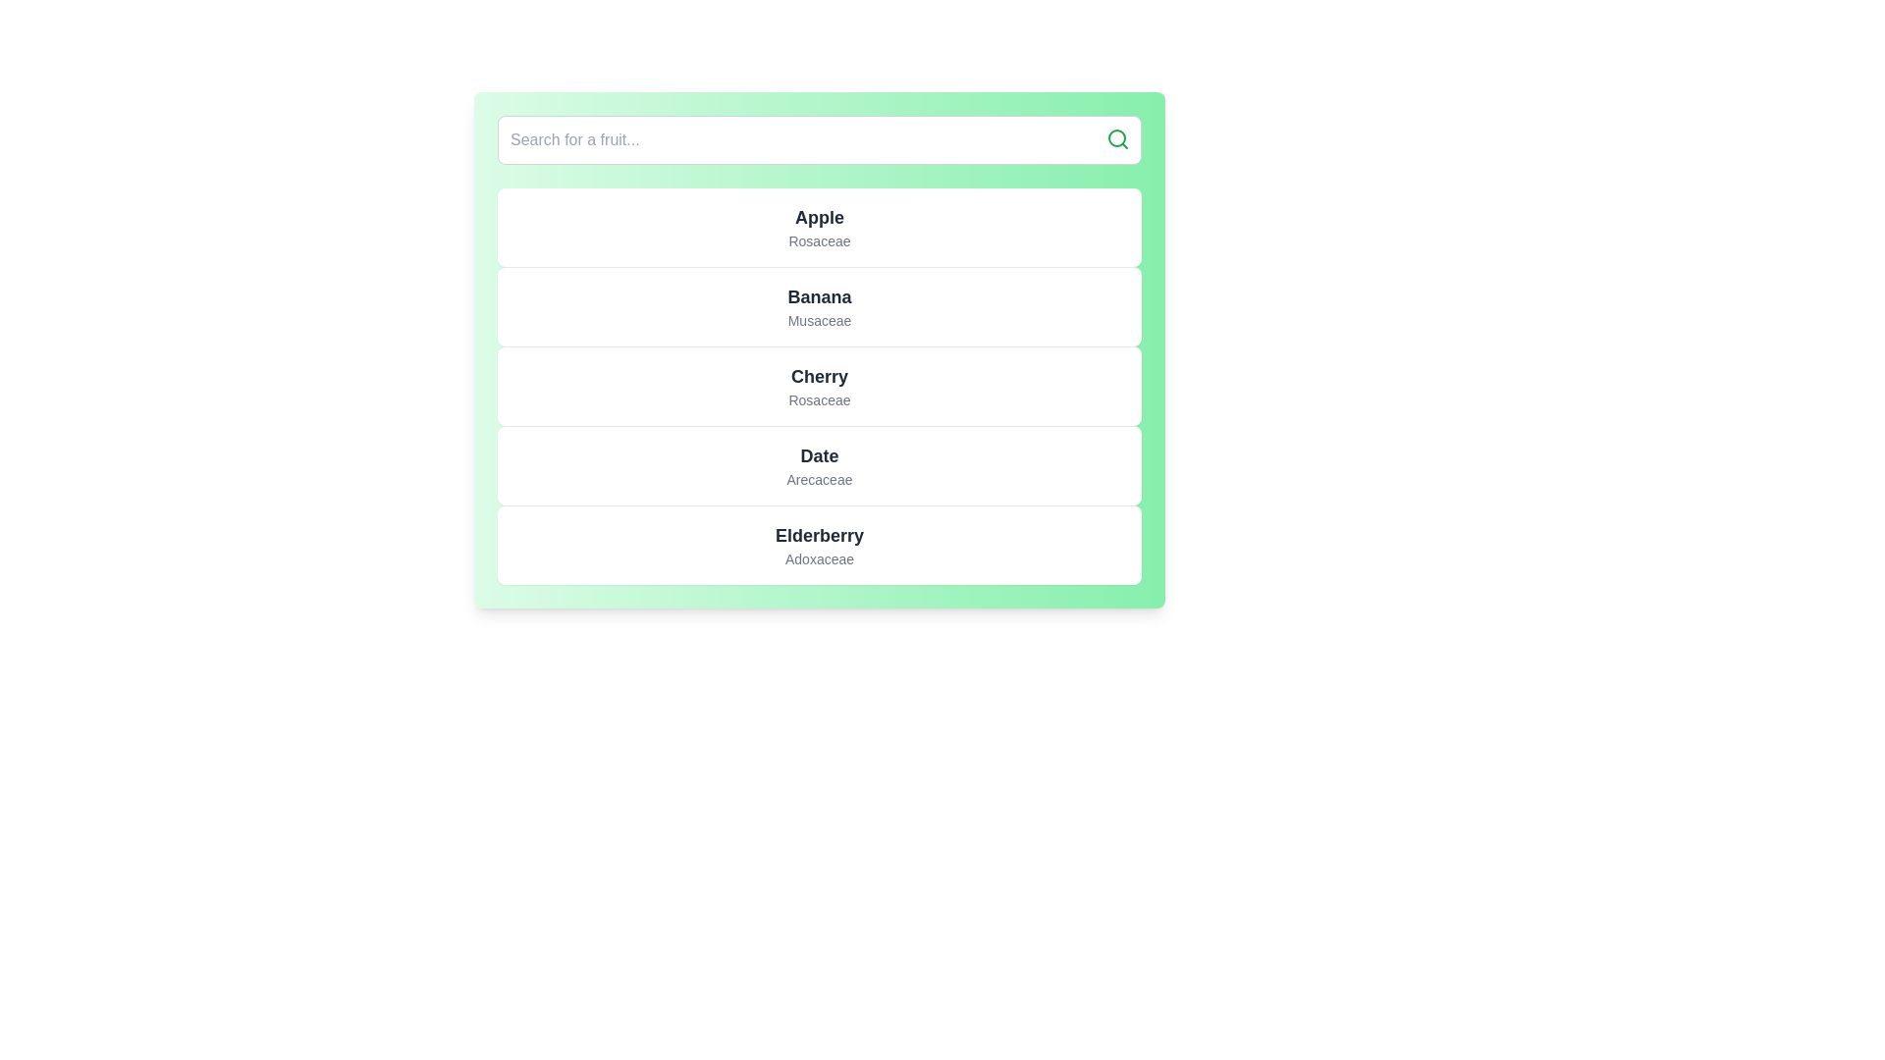  What do you see at coordinates (820, 399) in the screenshot?
I see `the text element that provides additional descriptive information about the header 'Cherry', located within the third card in a vertically stacked list` at bounding box center [820, 399].